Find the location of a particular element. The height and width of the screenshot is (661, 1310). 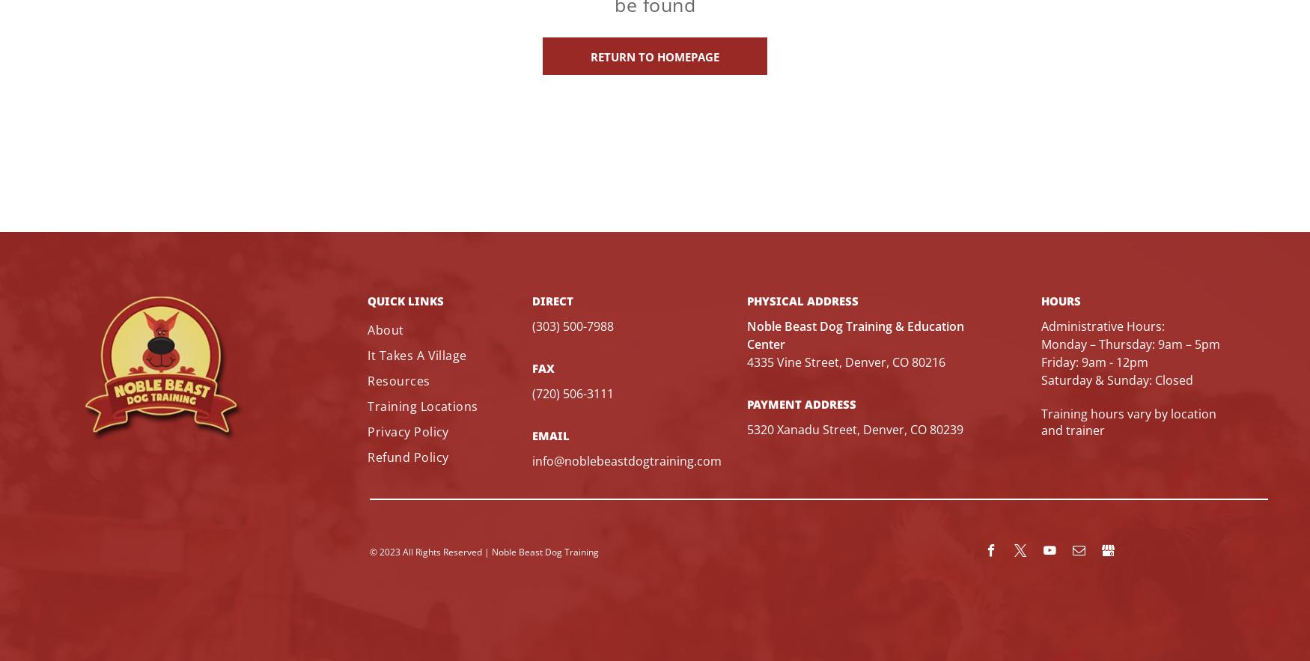

'Administrative Hours:' is located at coordinates (1103, 325).